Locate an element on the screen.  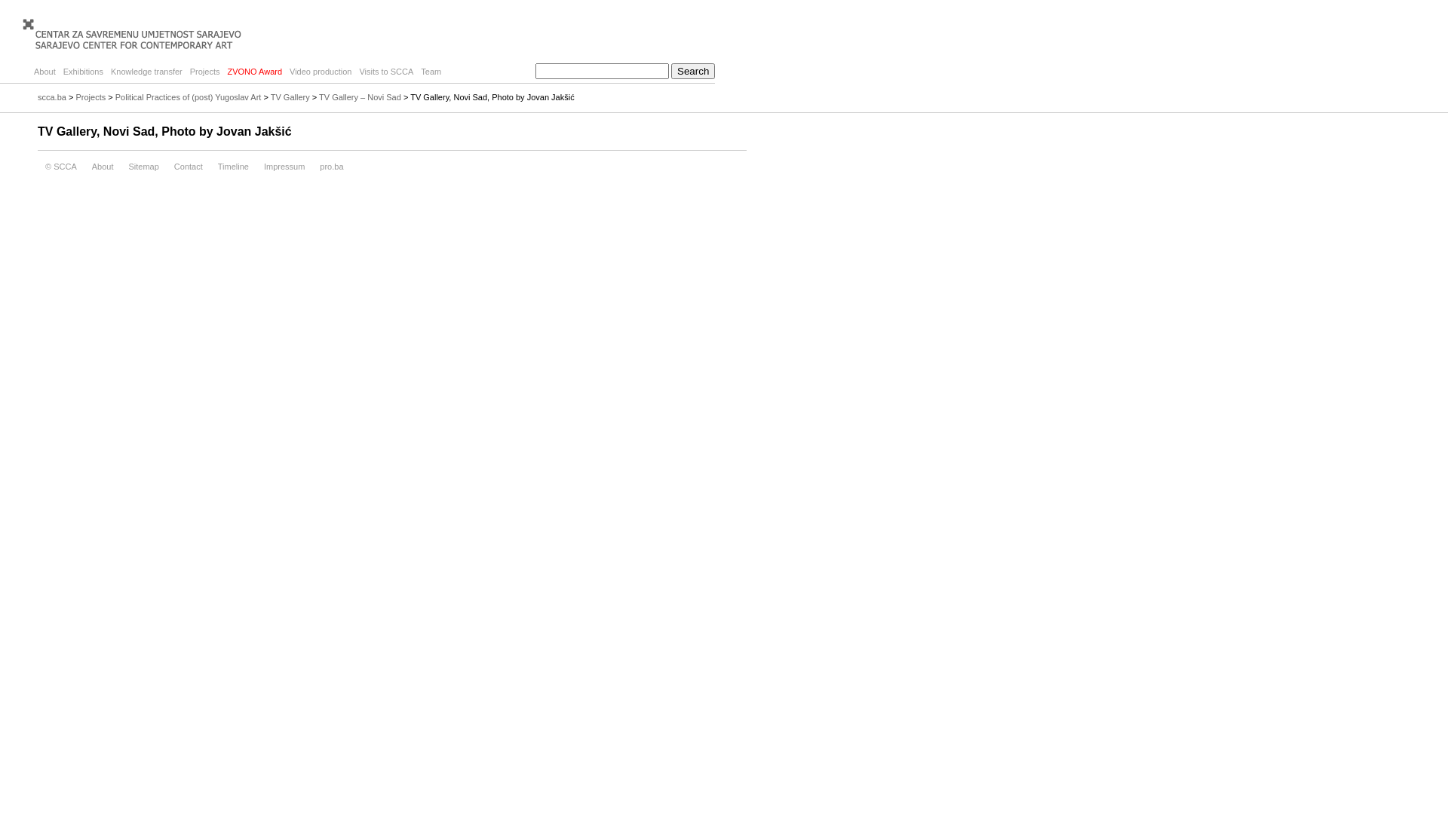
'Search' is located at coordinates (670, 71).